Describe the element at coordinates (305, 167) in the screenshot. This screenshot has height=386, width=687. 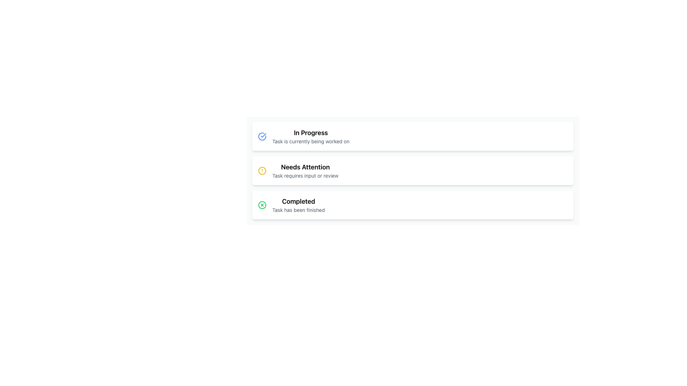
I see `the bolded text label displaying 'Needs Attention', which is the primary text in the second list item` at that location.